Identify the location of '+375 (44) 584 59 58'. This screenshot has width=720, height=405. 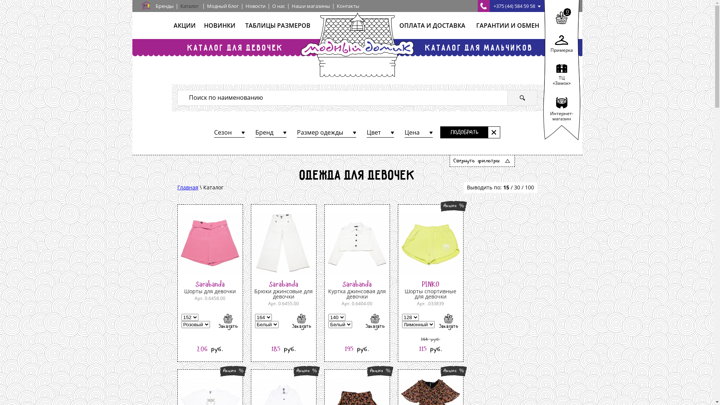
(477, 6).